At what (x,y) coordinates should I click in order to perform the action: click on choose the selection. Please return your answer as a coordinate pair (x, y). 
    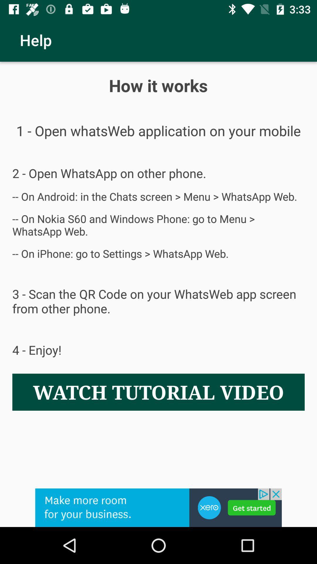
    Looking at the image, I should click on (158, 507).